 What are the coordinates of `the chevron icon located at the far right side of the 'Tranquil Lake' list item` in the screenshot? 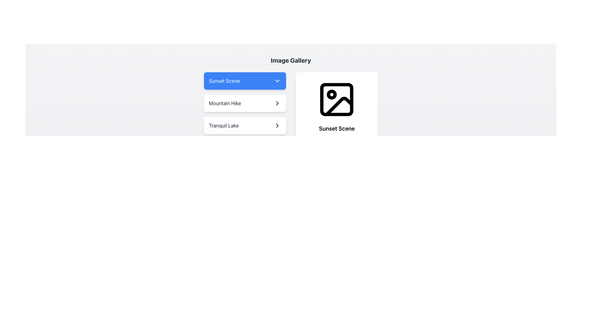 It's located at (277, 126).